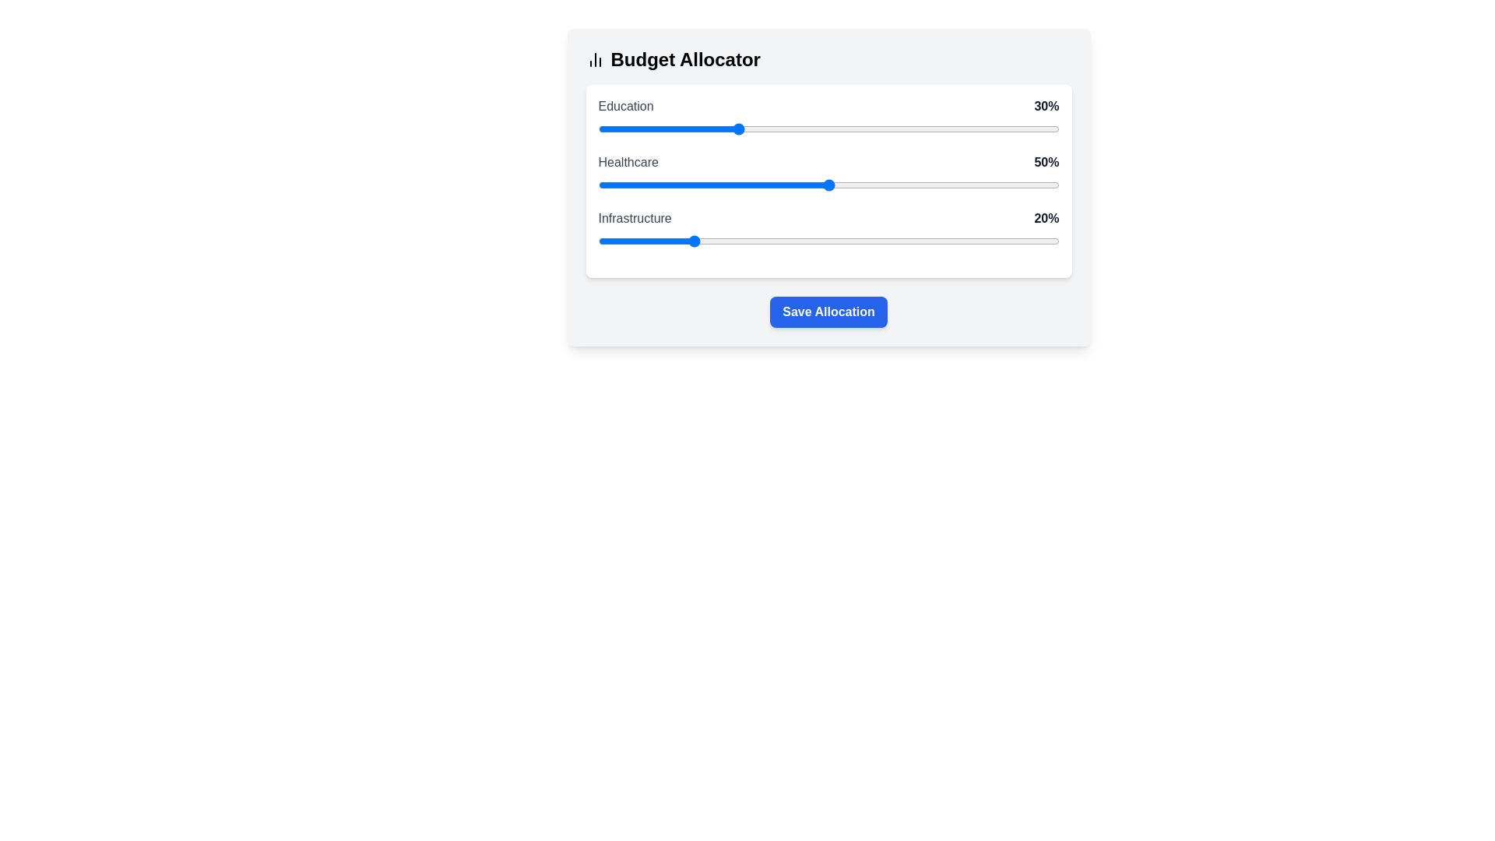 The width and height of the screenshot is (1495, 841). Describe the element at coordinates (893, 128) in the screenshot. I see `the education allocation` at that location.